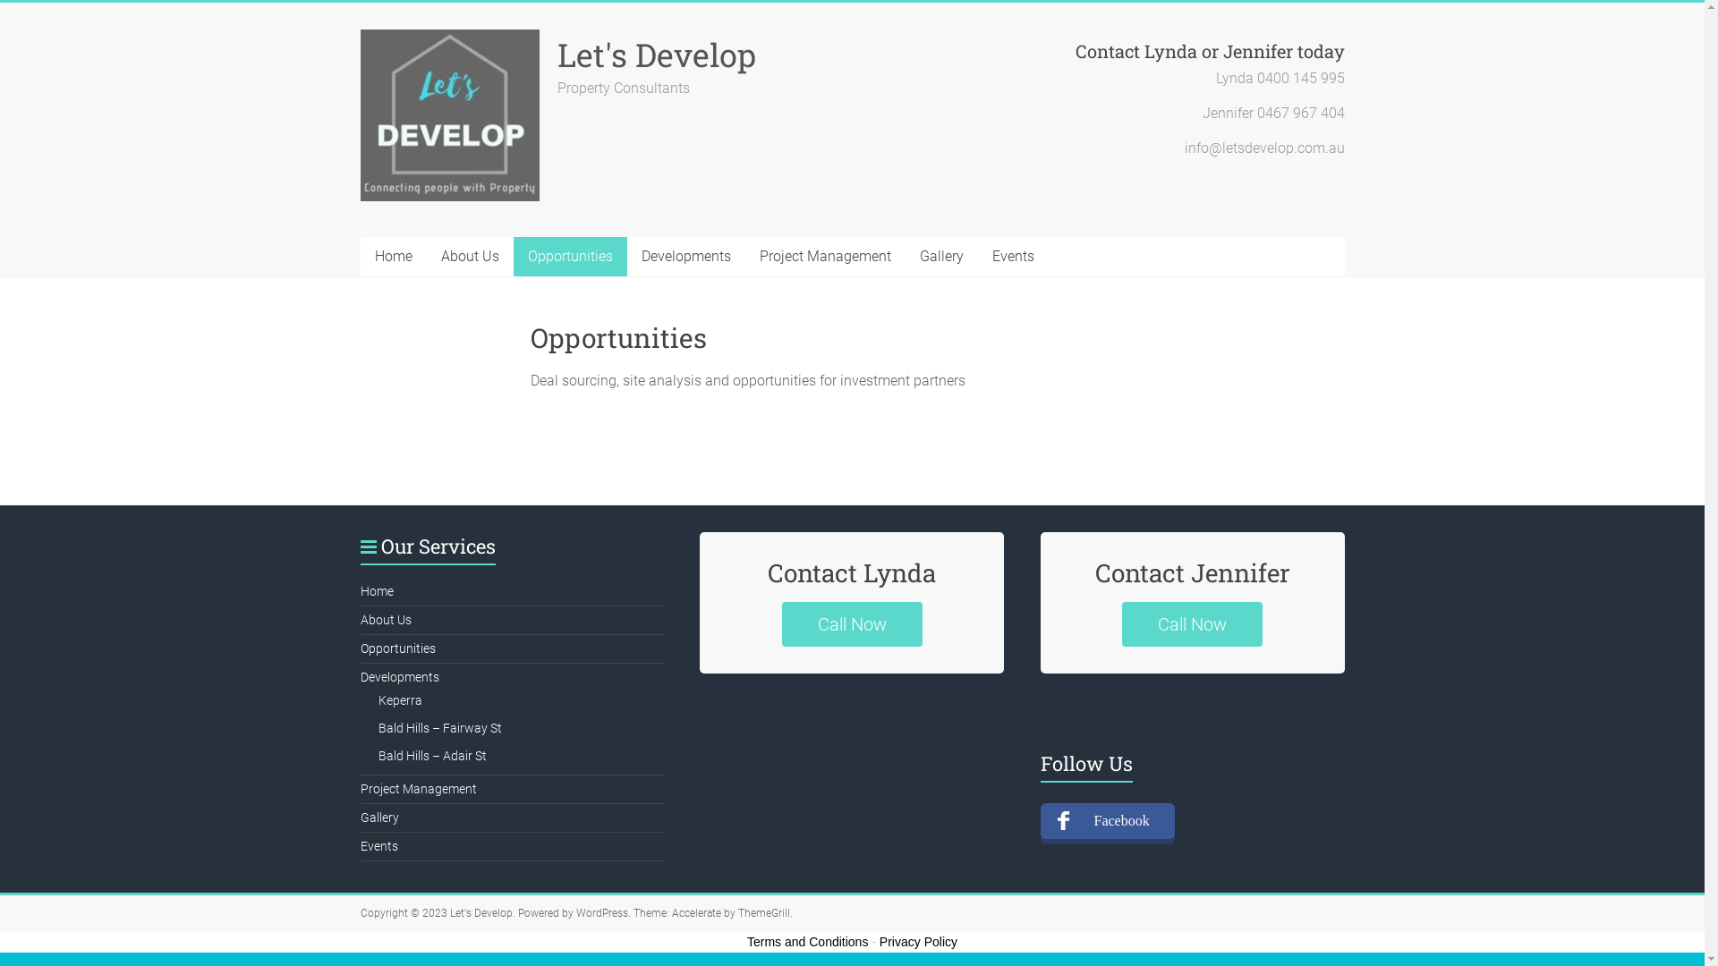 The height and width of the screenshot is (966, 1718). I want to click on 'Gallery', so click(359, 818).